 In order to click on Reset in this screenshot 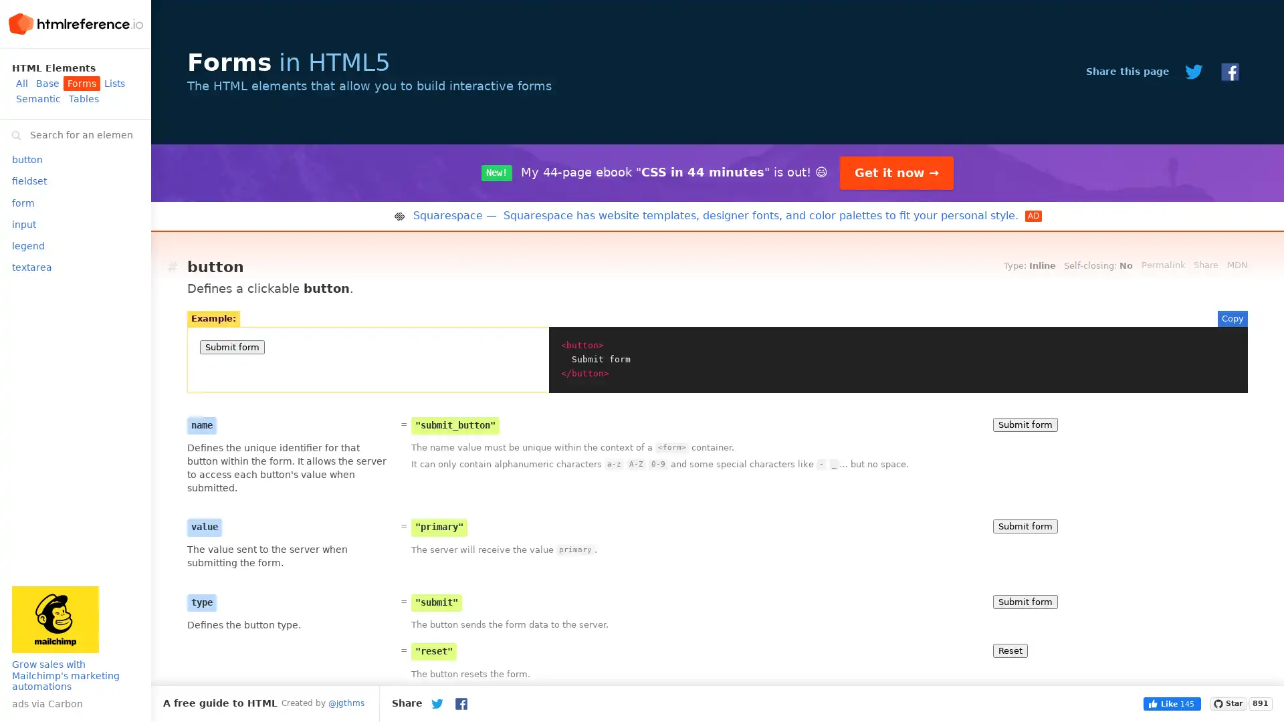, I will do `click(1010, 649)`.